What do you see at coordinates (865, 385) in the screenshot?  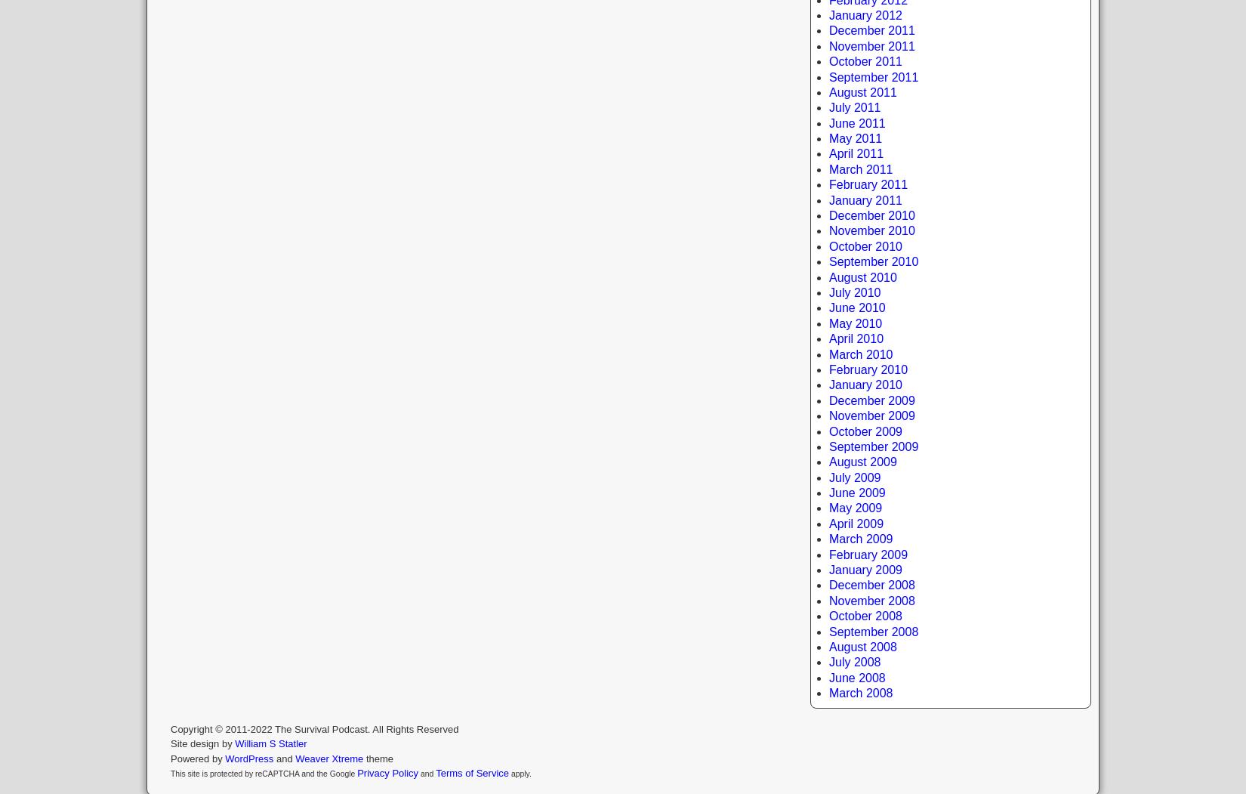 I see `'January 2010'` at bounding box center [865, 385].